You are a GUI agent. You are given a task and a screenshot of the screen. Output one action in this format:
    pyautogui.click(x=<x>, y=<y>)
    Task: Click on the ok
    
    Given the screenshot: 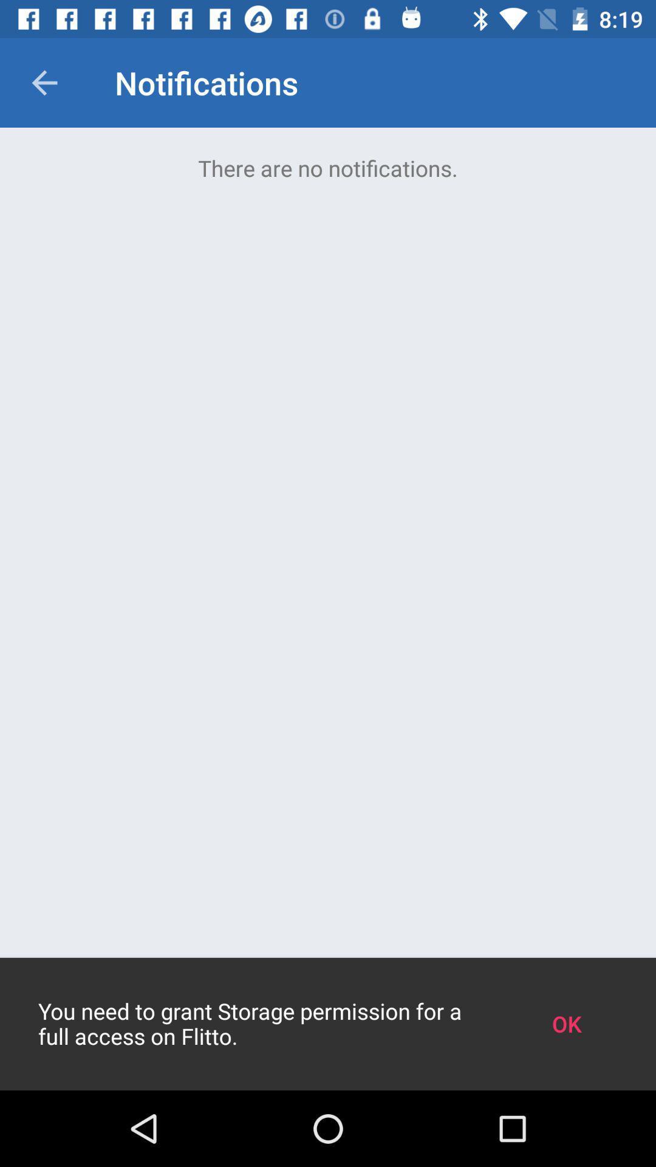 What is the action you would take?
    pyautogui.click(x=567, y=1023)
    